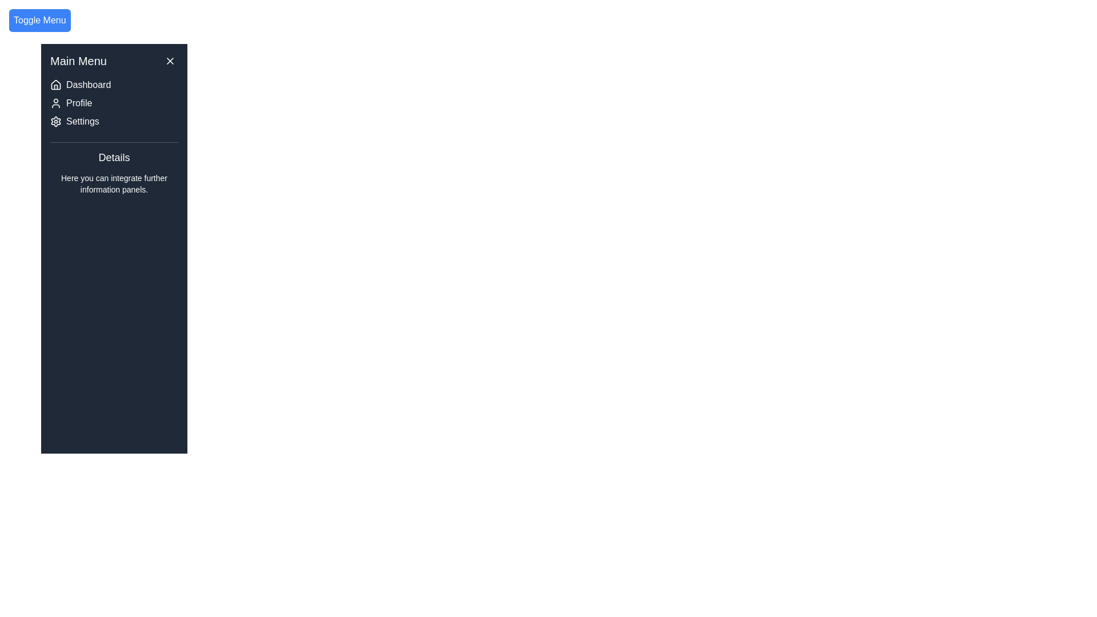  I want to click on the close button located in the top-right corner of the sidebar, aligned with the title 'Main Menu', so click(169, 61).